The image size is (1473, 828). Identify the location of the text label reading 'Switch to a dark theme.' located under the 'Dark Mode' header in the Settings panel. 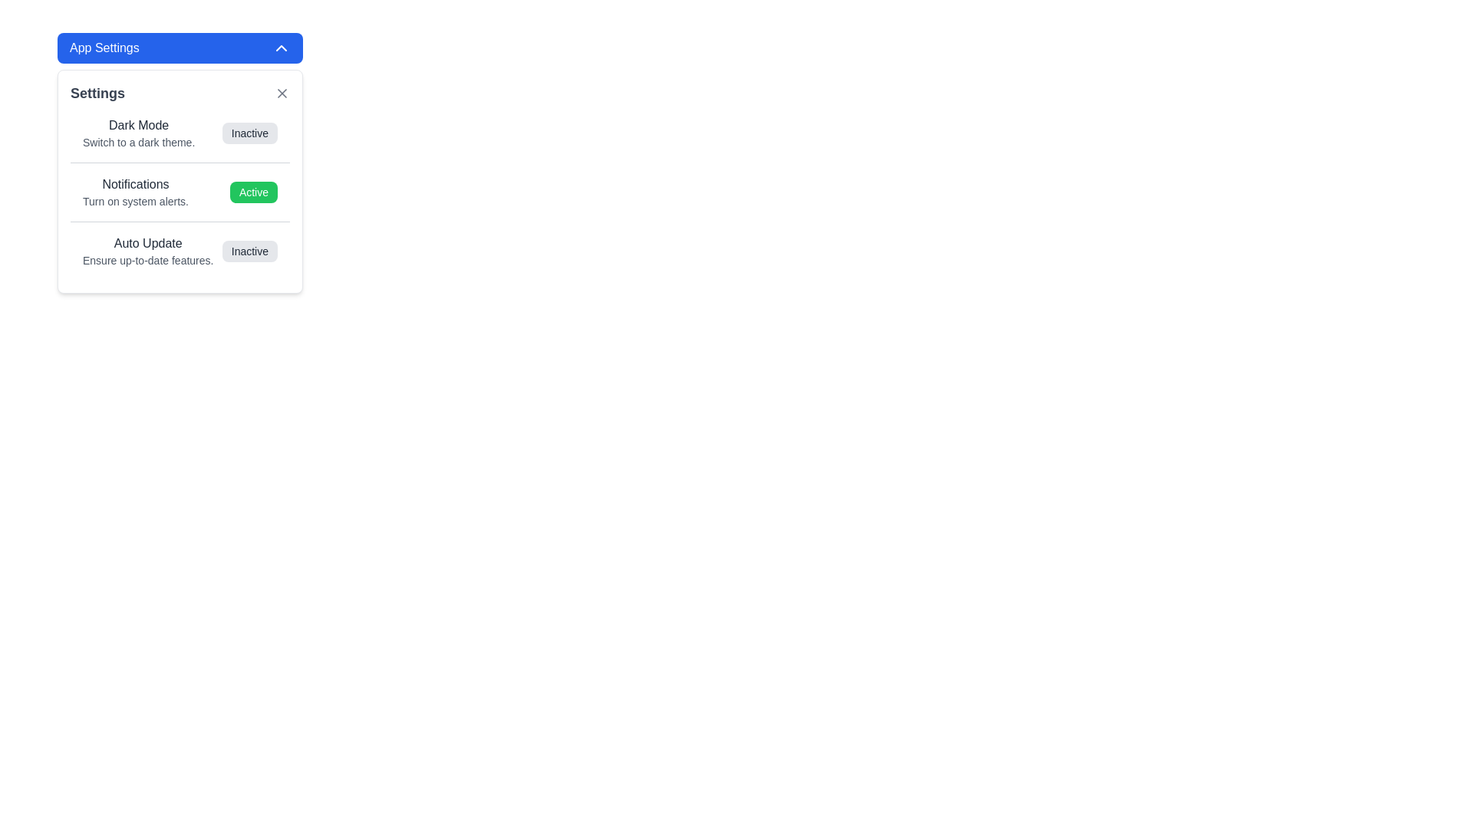
(139, 142).